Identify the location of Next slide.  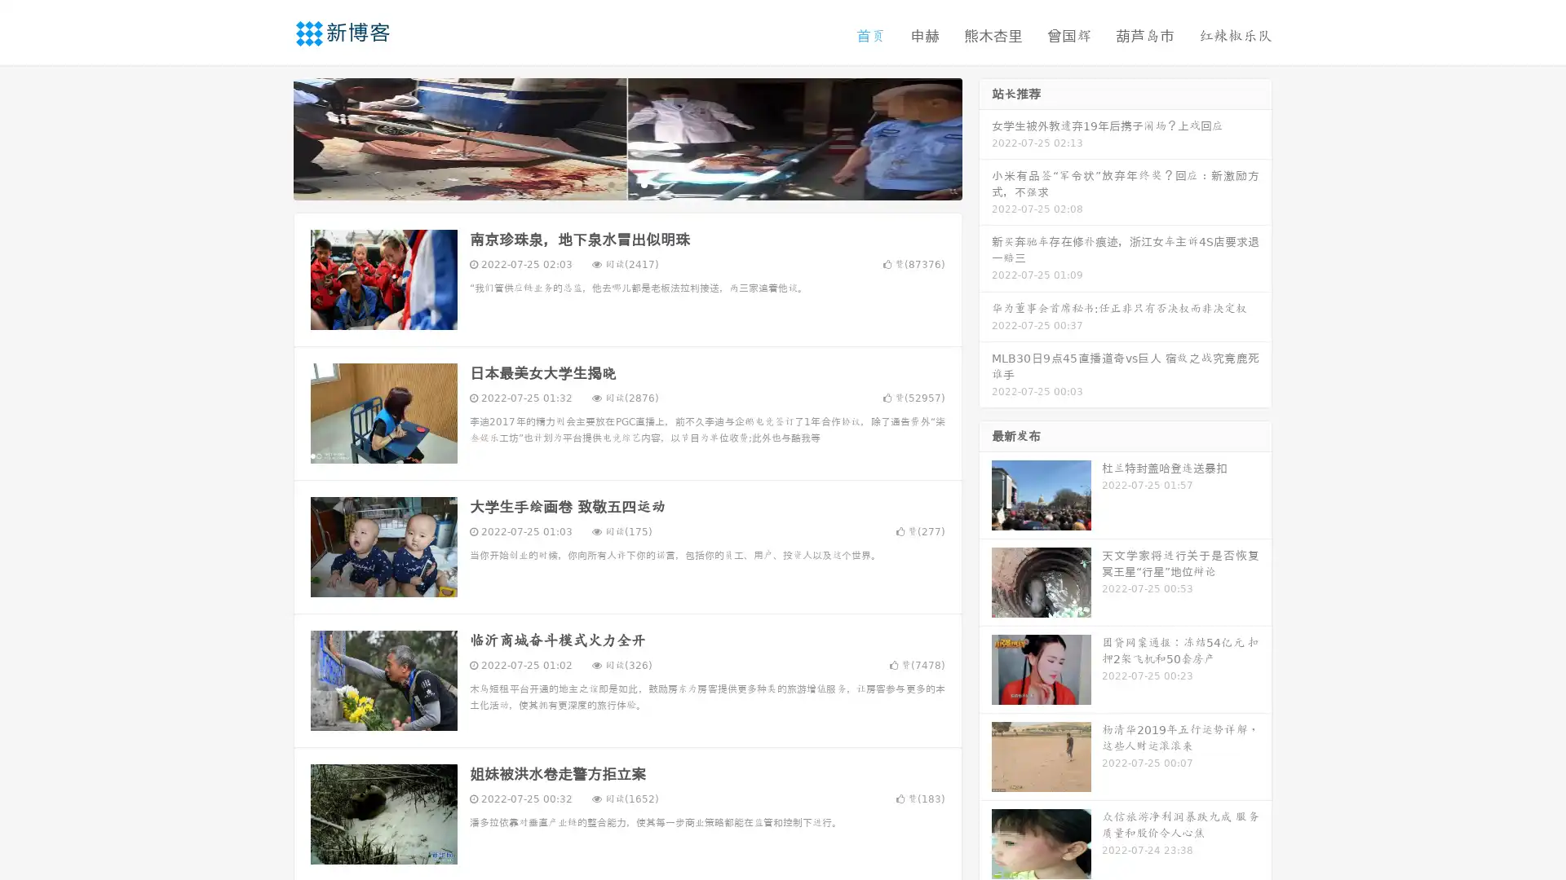
(985, 137).